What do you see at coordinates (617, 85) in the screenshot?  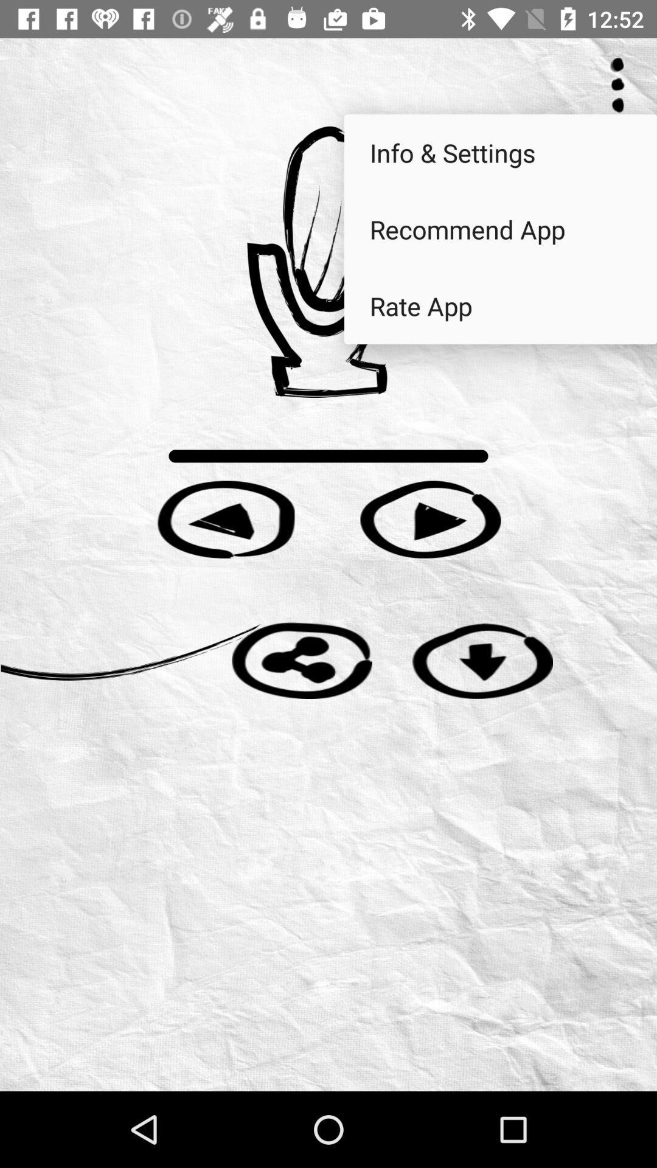 I see `open settings` at bounding box center [617, 85].